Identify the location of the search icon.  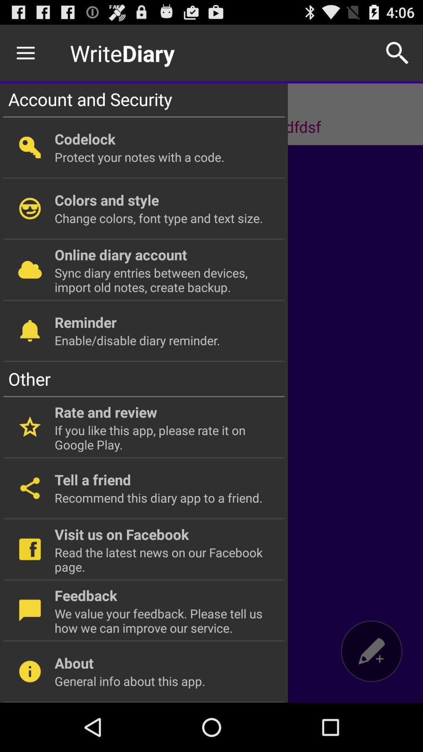
(397, 56).